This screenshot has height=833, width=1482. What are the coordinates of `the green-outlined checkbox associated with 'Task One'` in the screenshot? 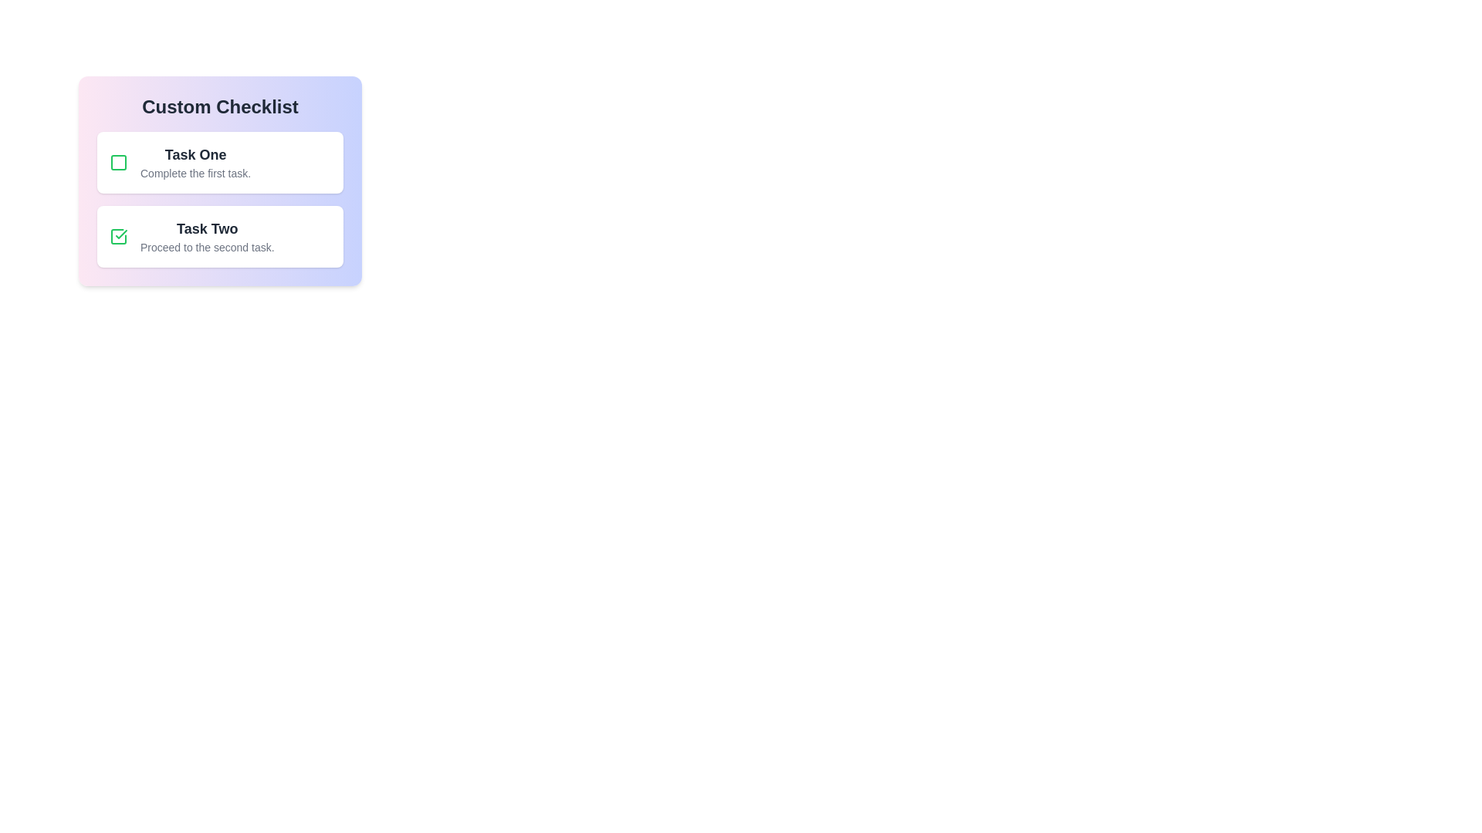 It's located at (117, 163).